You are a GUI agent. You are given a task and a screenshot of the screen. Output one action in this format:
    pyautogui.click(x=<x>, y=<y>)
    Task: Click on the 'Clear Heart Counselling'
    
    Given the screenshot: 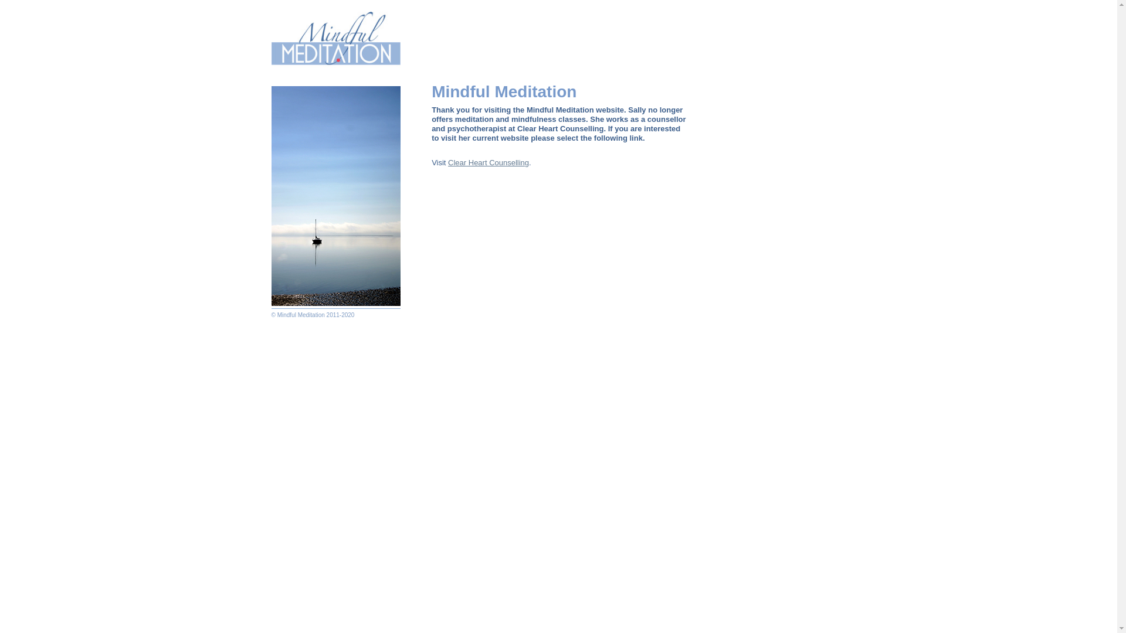 What is the action you would take?
    pyautogui.click(x=489, y=162)
    